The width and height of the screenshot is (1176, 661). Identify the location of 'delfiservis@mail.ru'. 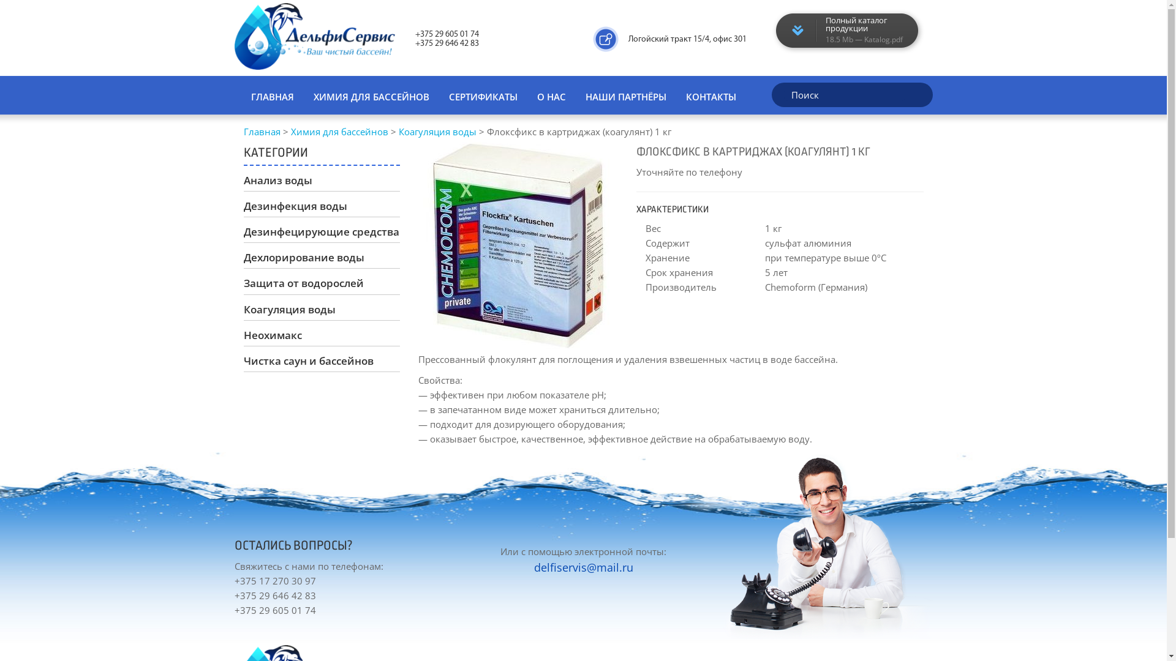
(534, 566).